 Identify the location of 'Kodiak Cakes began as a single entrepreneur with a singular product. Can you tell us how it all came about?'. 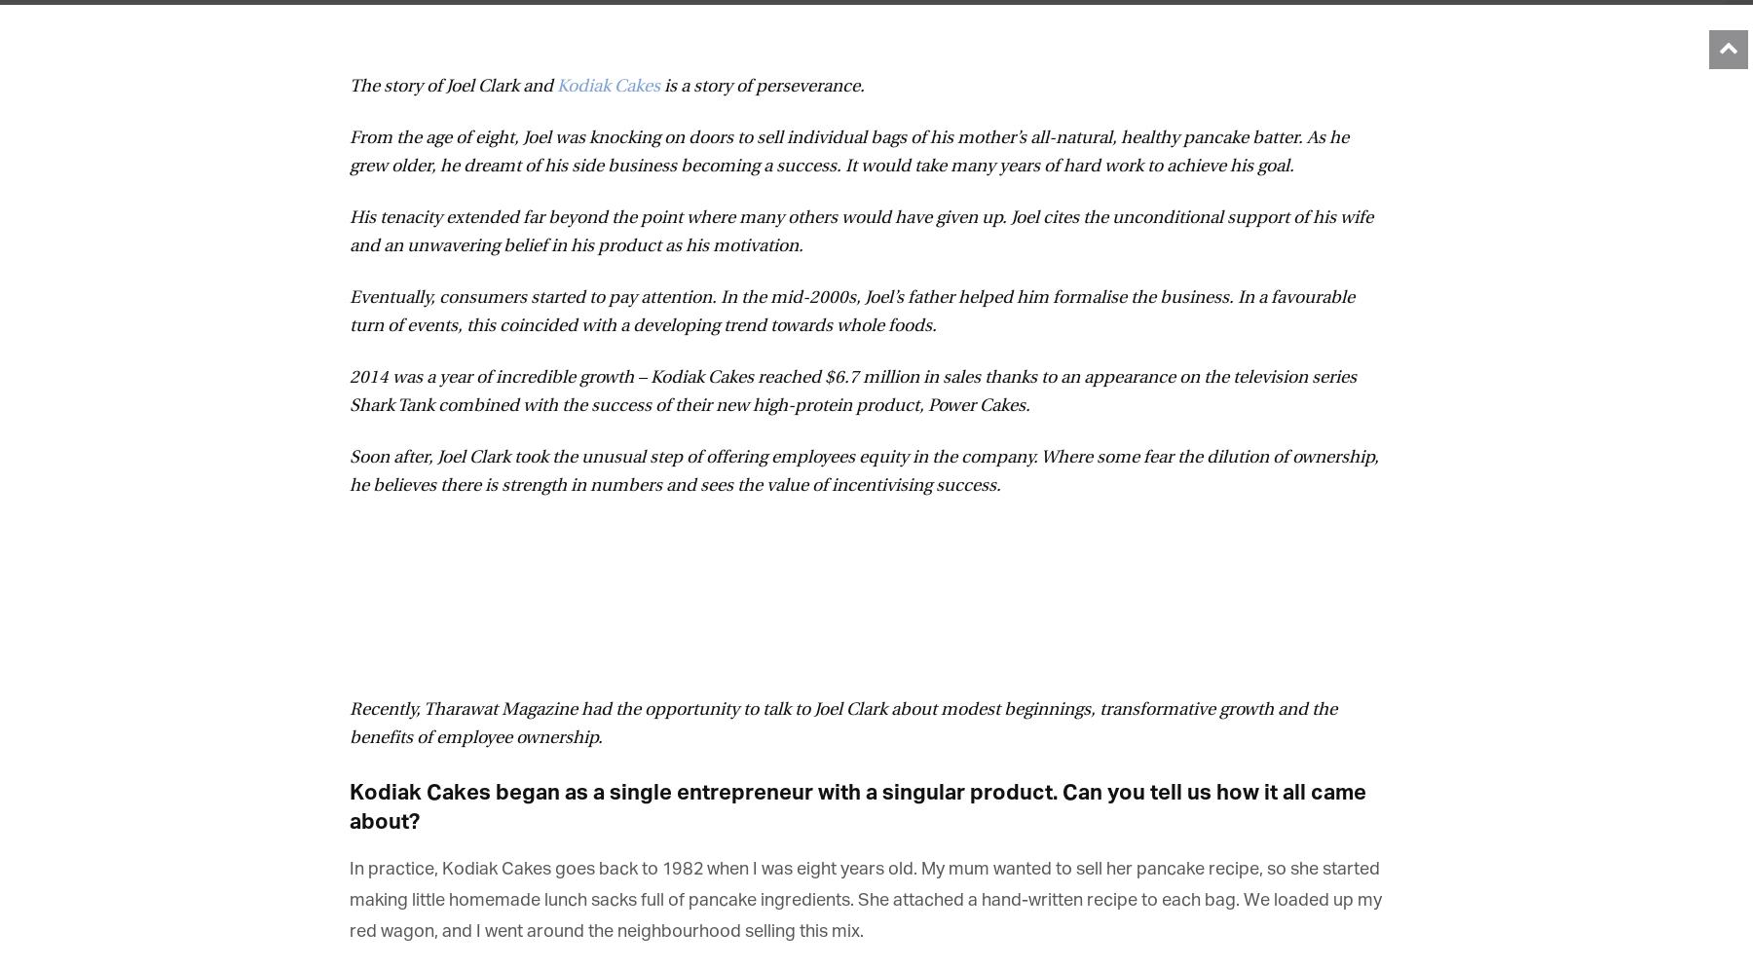
(857, 807).